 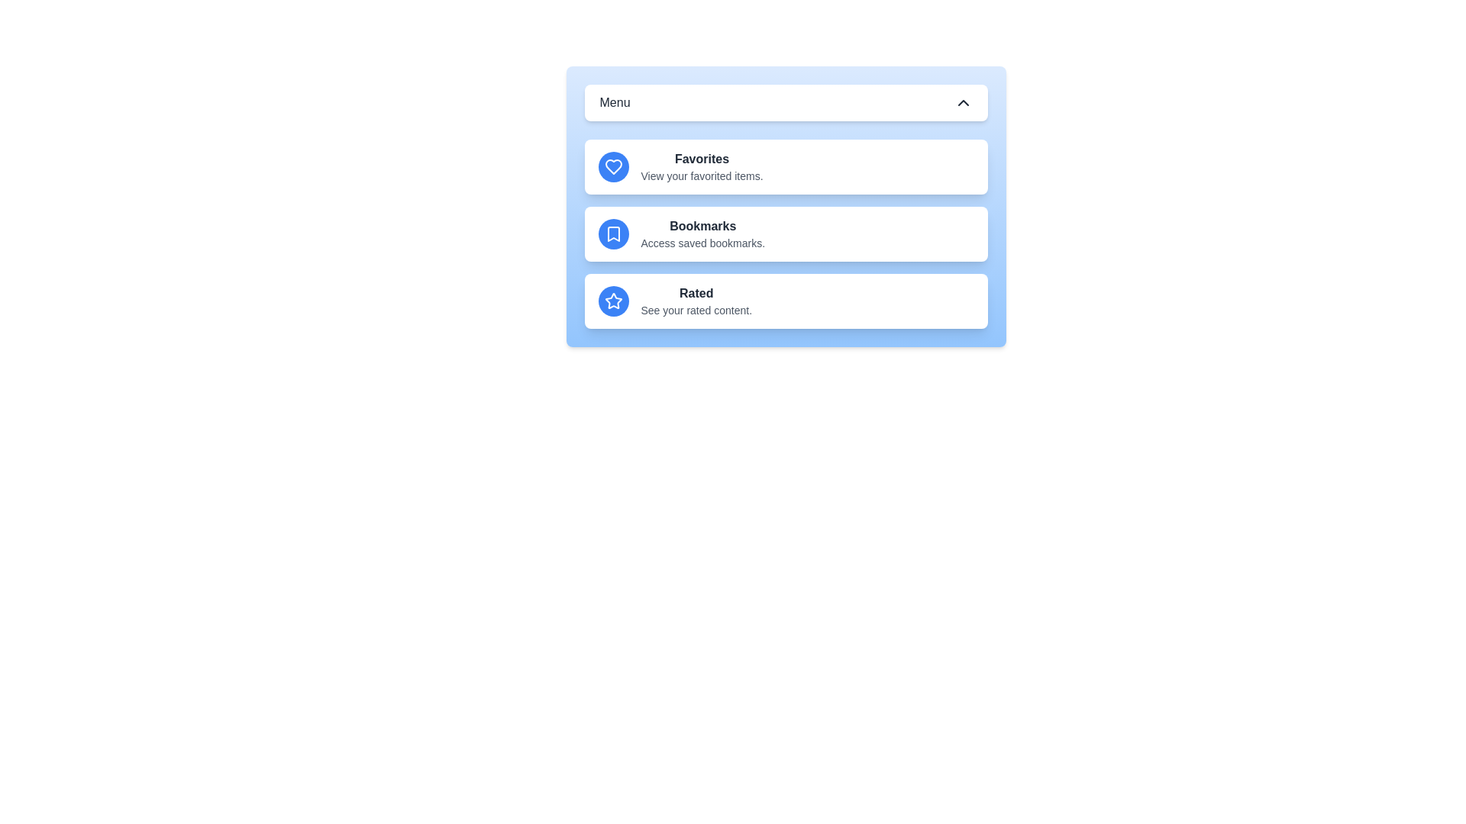 What do you see at coordinates (613, 301) in the screenshot?
I see `the icon of the menu item Rated` at bounding box center [613, 301].